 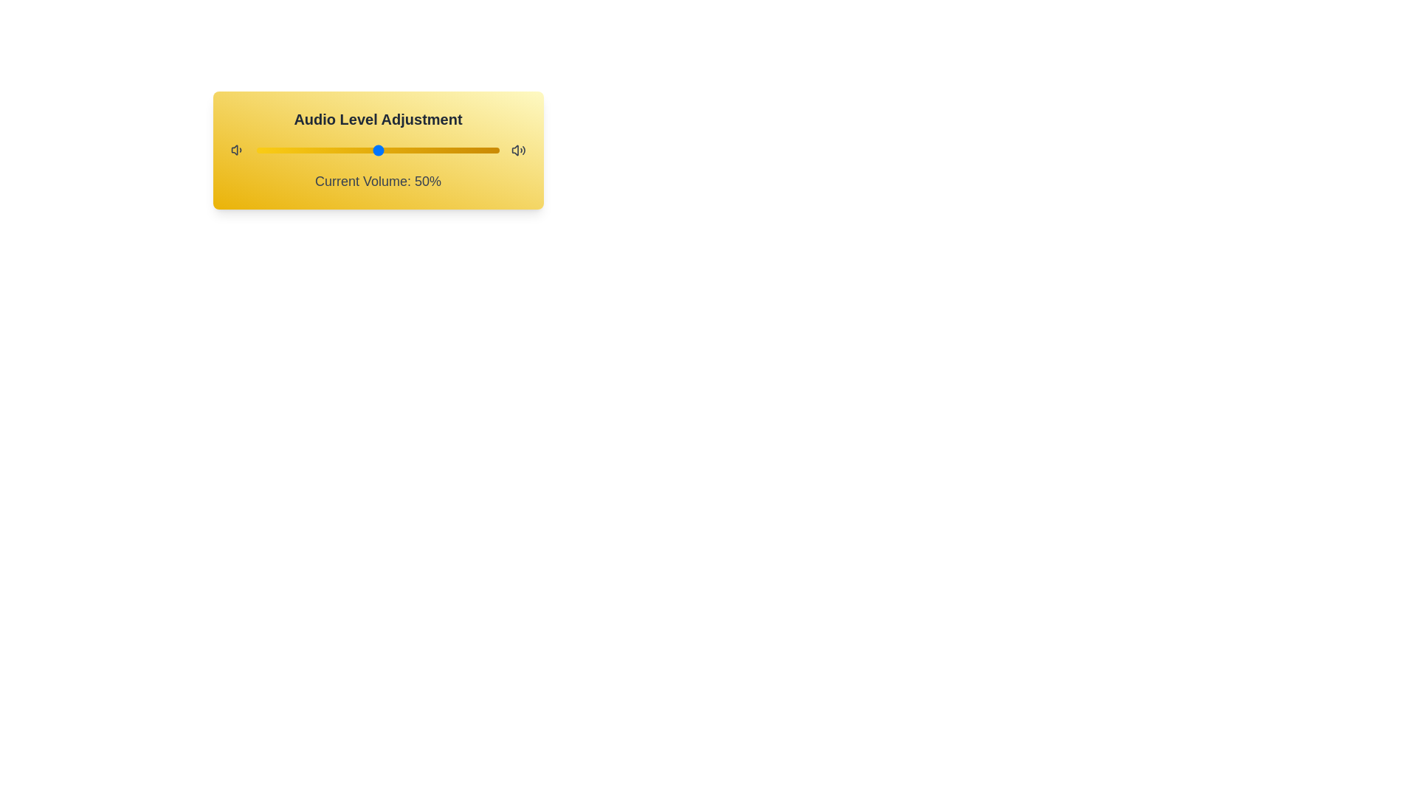 What do you see at coordinates (450, 151) in the screenshot?
I see `the volume level` at bounding box center [450, 151].